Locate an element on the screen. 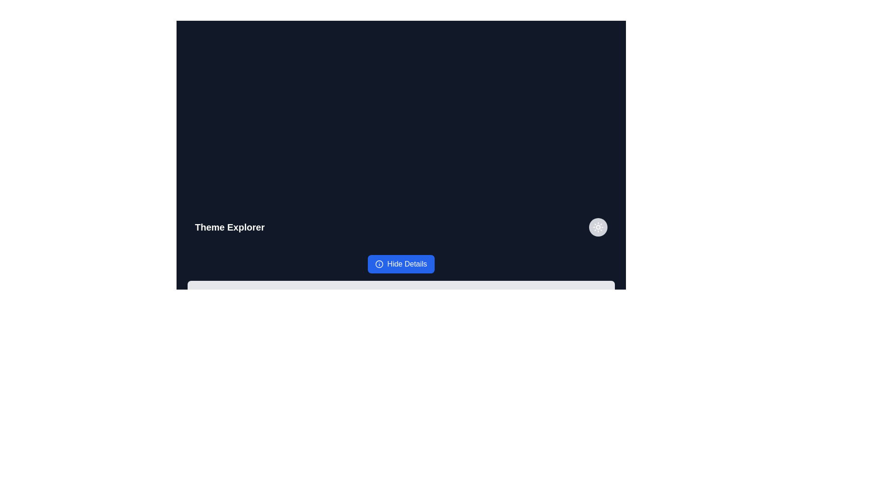  the icon located to the left of the 'Hide Details' button with a blue background and white text, which is situated at the bottom center of the interface is located at coordinates (379, 264).